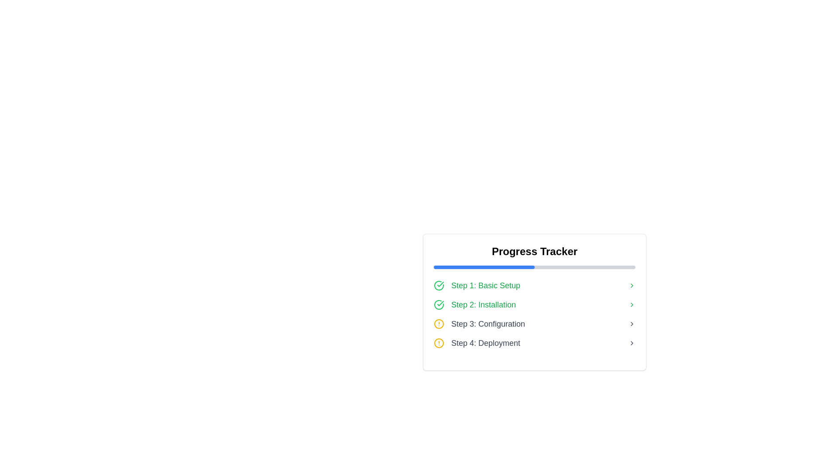  Describe the element at coordinates (534, 304) in the screenshot. I see `the Progress Step Indicator, which indicates that the installation step is complete and is the second item in the vertical list under 'Progress Tracker'` at that location.